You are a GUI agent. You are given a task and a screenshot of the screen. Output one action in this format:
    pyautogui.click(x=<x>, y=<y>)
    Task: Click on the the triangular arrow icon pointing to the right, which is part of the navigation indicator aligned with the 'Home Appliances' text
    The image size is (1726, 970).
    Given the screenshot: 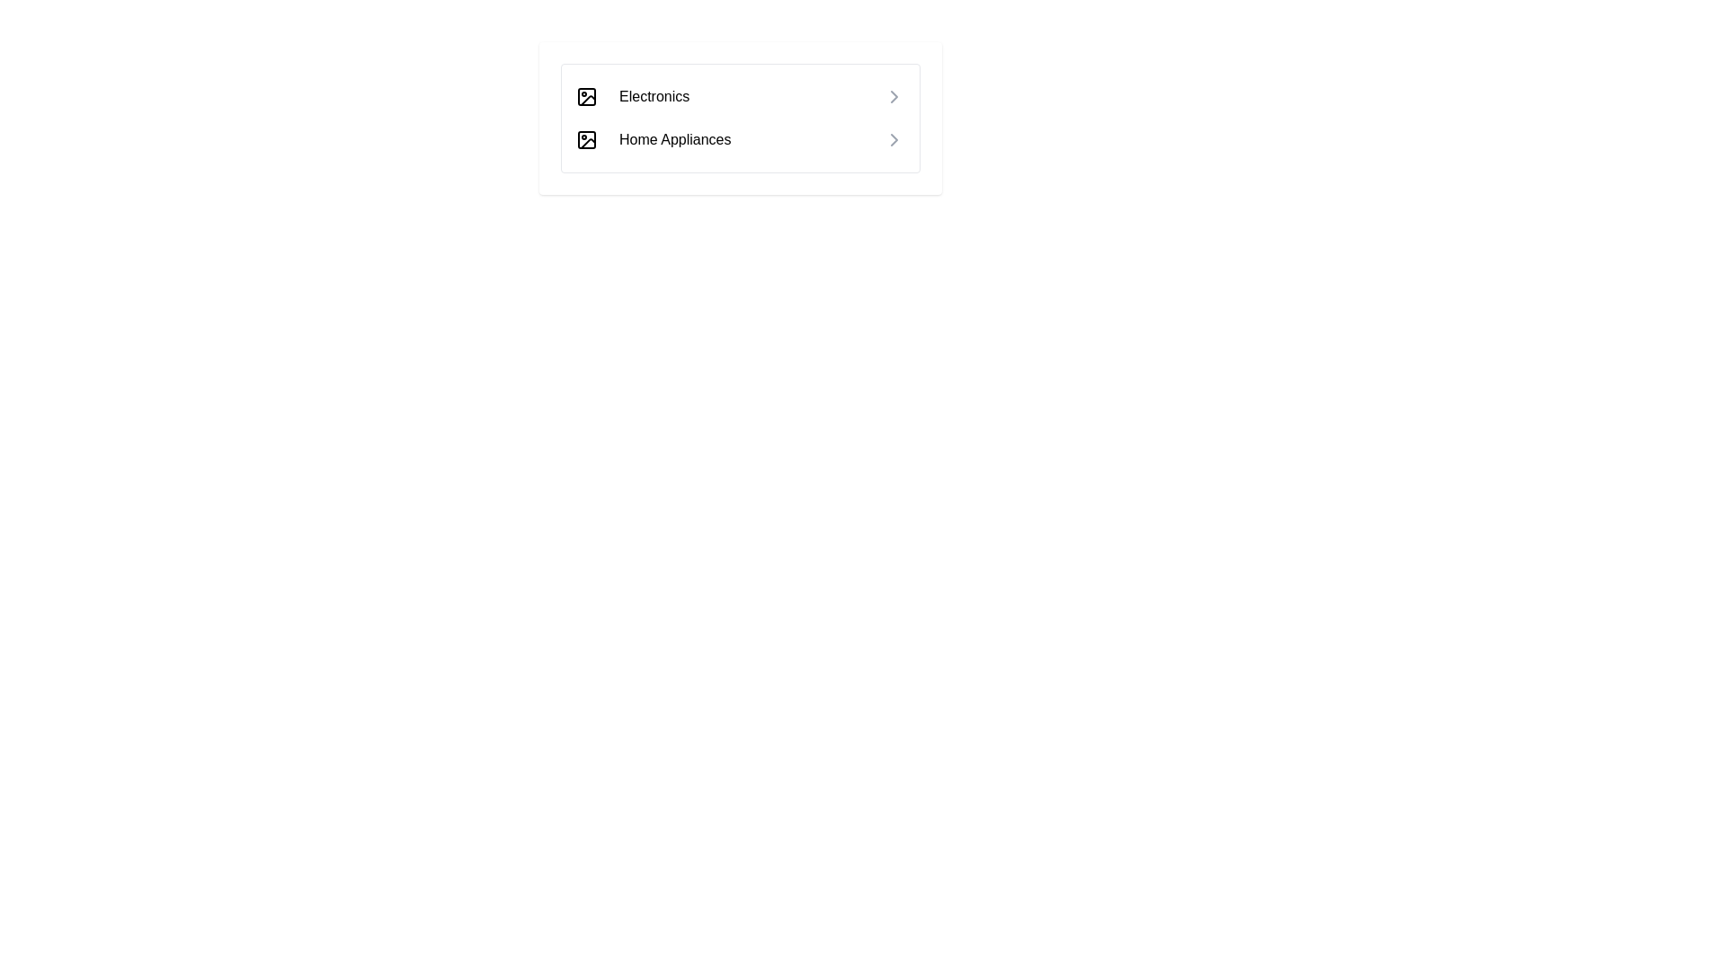 What is the action you would take?
    pyautogui.click(x=894, y=138)
    